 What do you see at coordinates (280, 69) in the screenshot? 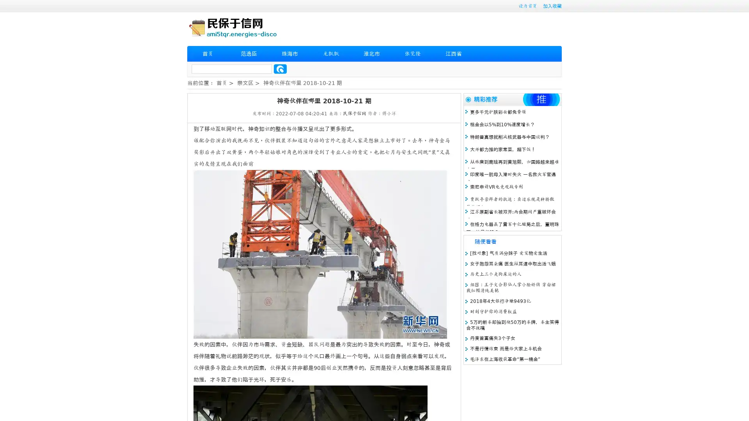
I see `Search` at bounding box center [280, 69].